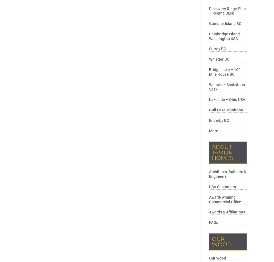 This screenshot has width=274, height=262. What do you see at coordinates (222, 153) in the screenshot?
I see `'About Tamlin Homes'` at bounding box center [222, 153].